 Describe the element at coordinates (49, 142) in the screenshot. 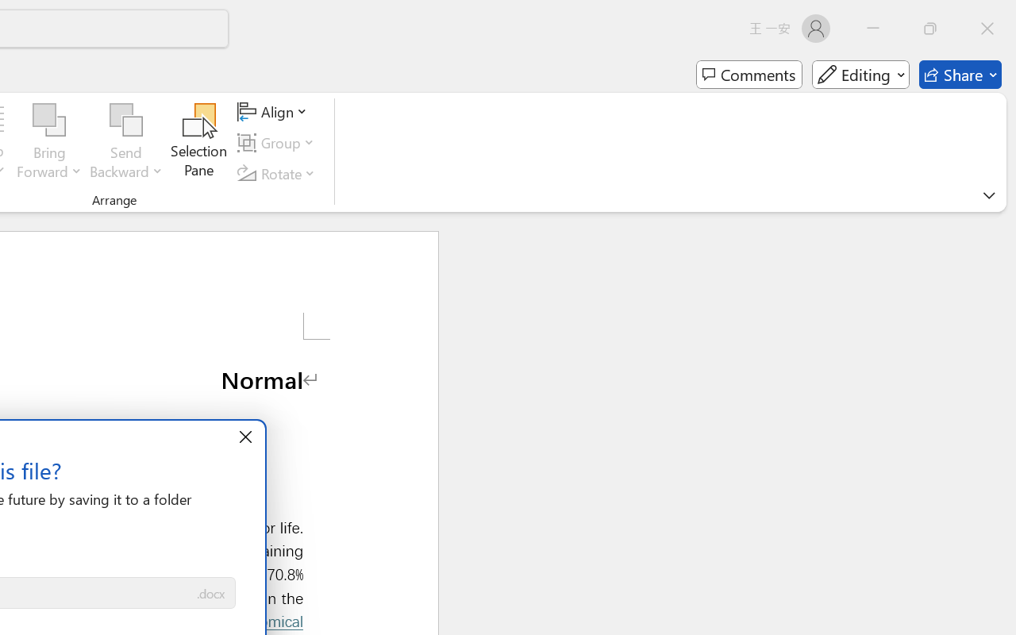

I see `'Bring Forward'` at that location.